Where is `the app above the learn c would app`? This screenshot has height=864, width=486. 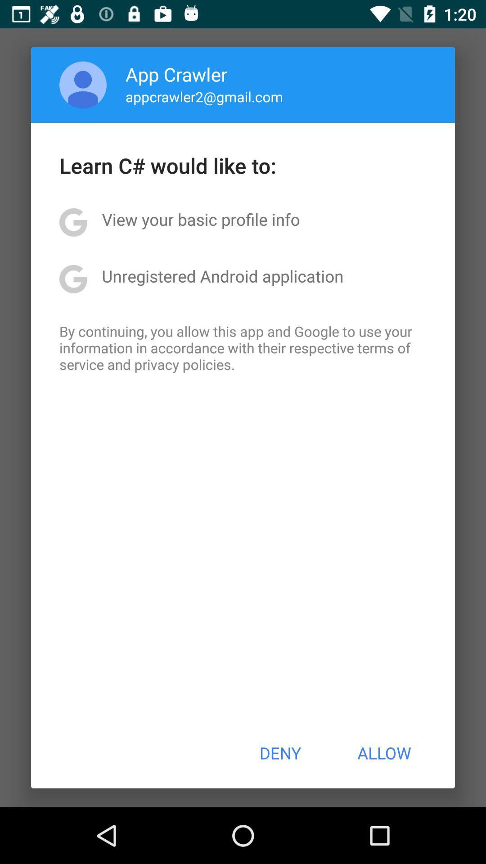 the app above the learn c would app is located at coordinates (204, 96).